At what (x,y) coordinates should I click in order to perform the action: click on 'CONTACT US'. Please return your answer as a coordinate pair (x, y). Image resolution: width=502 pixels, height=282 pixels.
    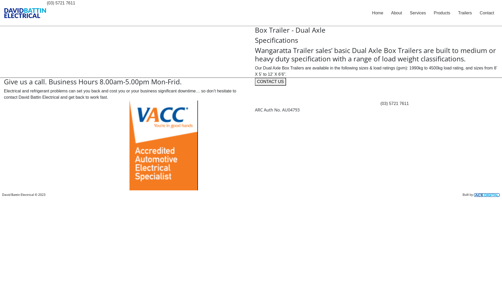
    Looking at the image, I should click on (270, 81).